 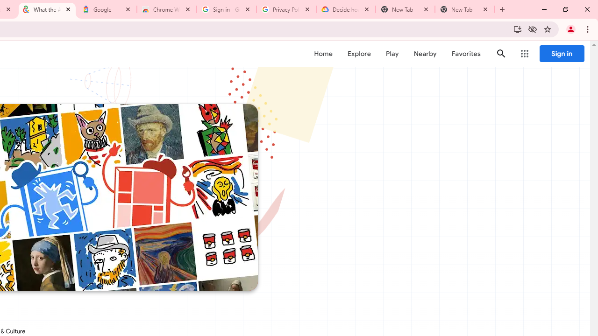 What do you see at coordinates (358, 54) in the screenshot?
I see `'Explore'` at bounding box center [358, 54].